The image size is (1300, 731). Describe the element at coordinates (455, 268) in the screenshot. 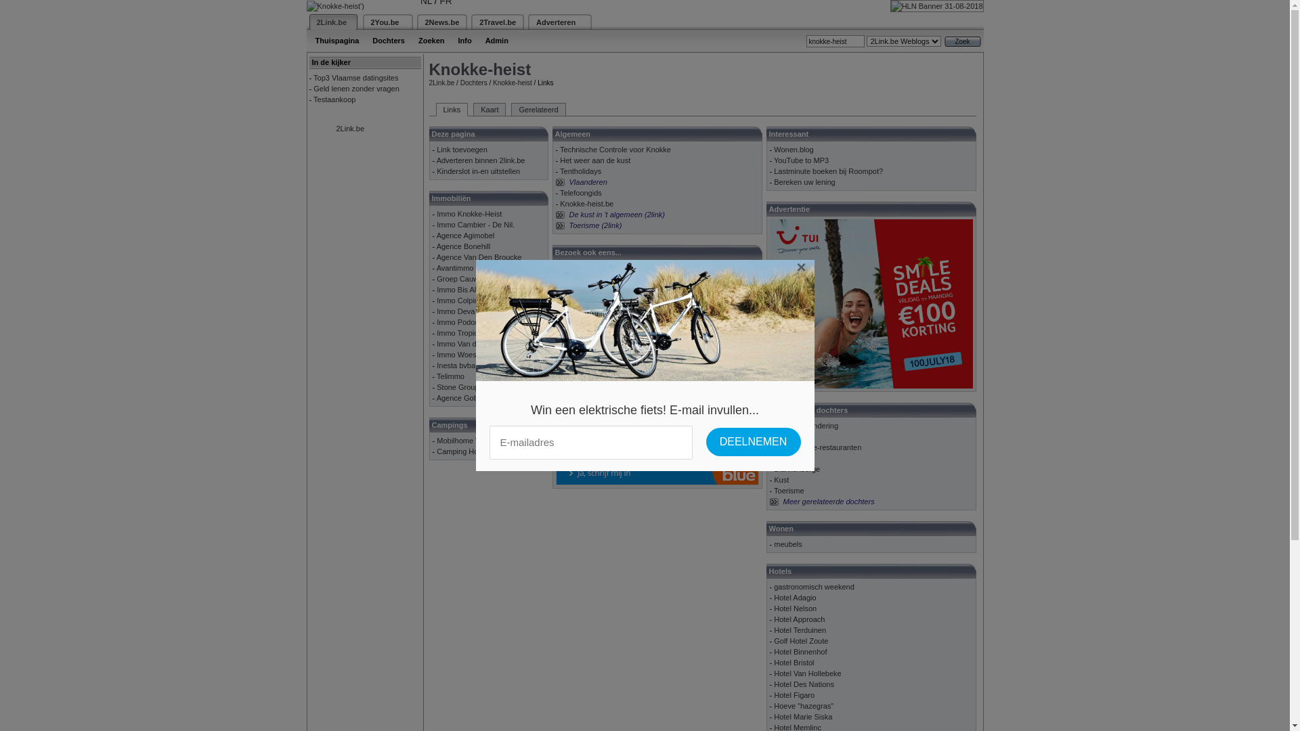

I see `'Avantimmo'` at that location.